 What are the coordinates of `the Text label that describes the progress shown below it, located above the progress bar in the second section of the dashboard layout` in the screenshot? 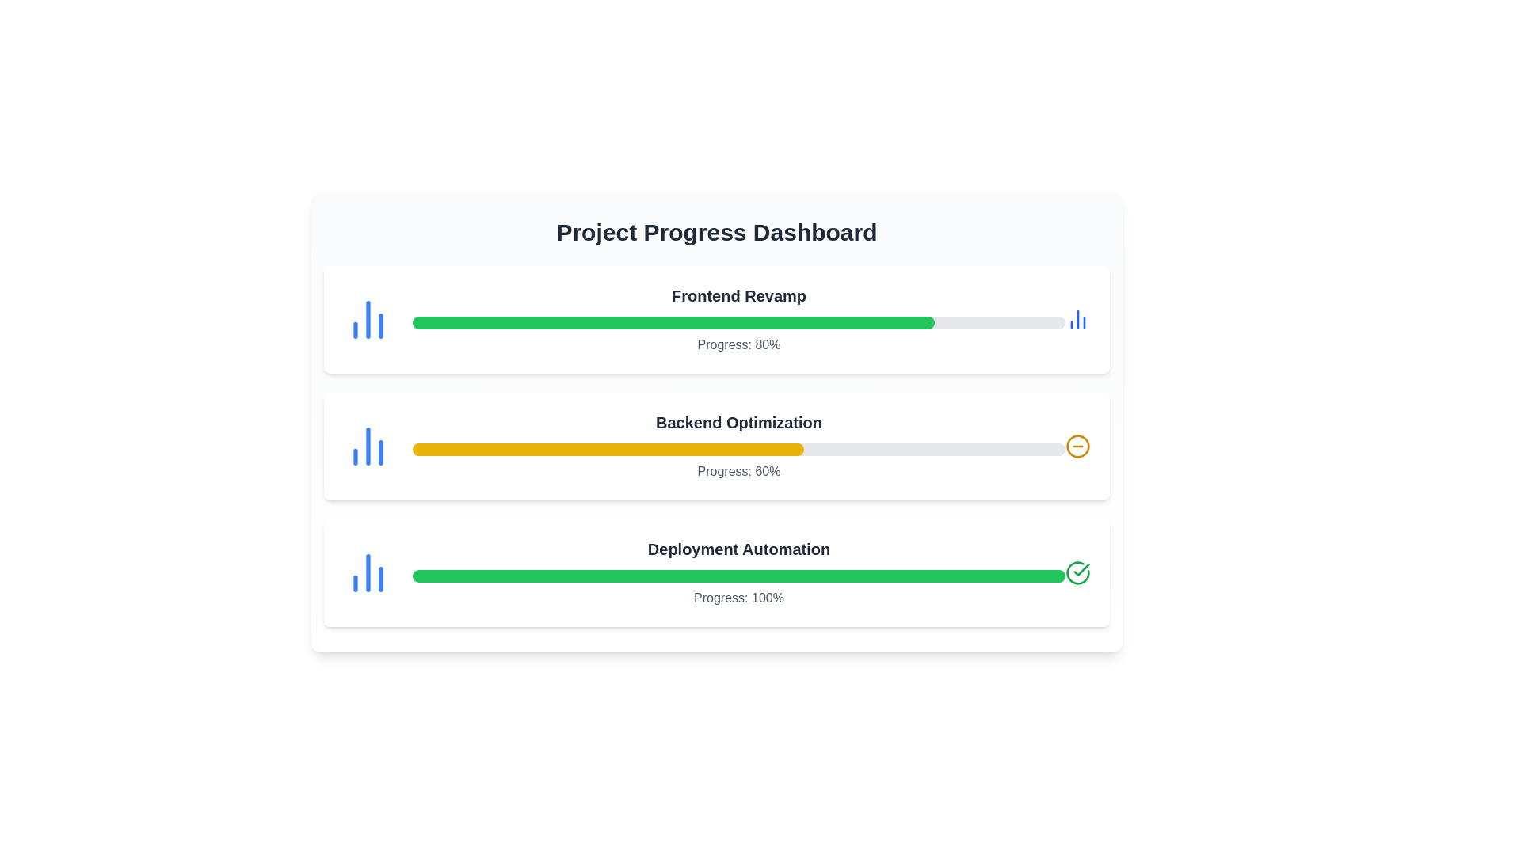 It's located at (738, 421).